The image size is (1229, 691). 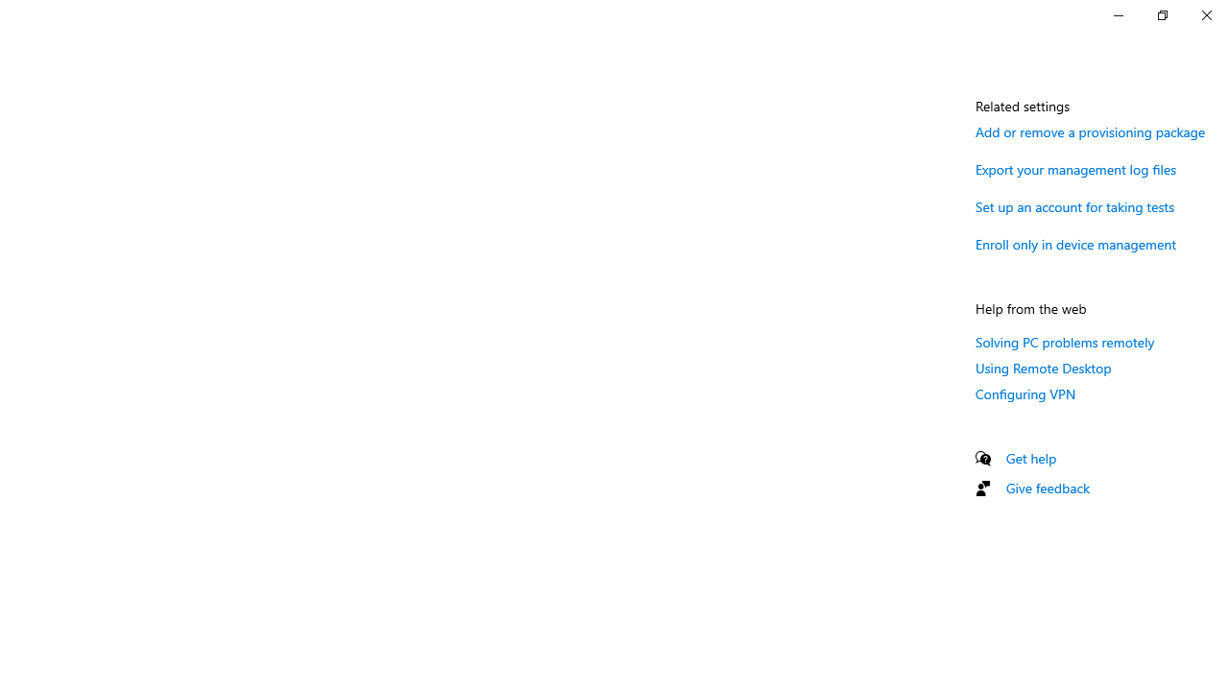 I want to click on 'Using Remote Desktop', so click(x=1043, y=368).